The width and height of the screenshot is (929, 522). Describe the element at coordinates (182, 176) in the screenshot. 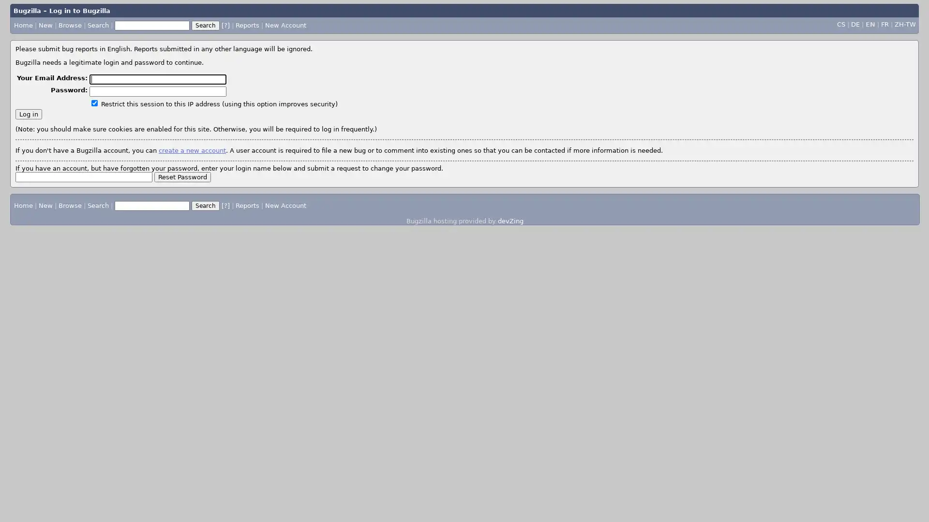

I see `Reset Password` at that location.